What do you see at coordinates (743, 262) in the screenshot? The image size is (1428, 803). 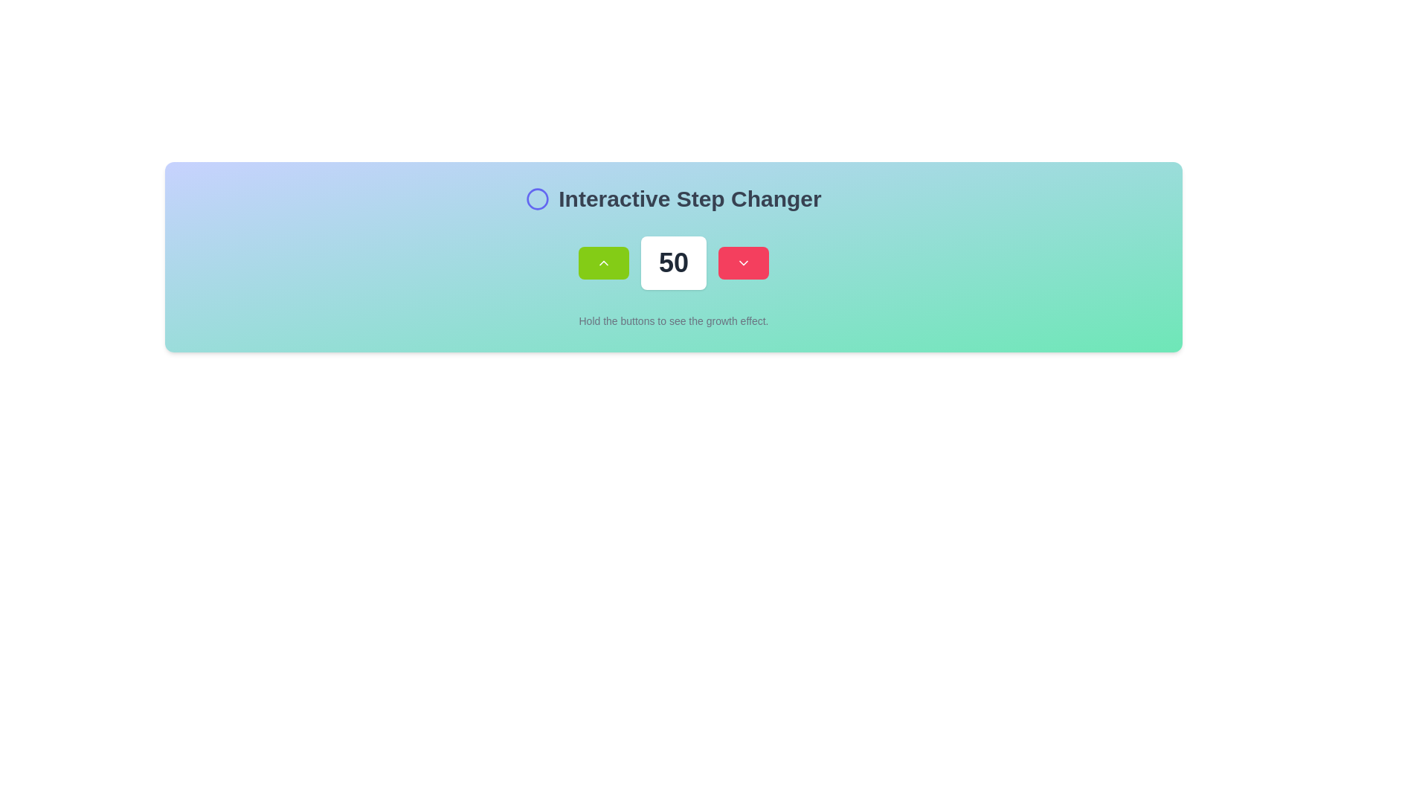 I see `the red decrement button located to the right of the white text field to decrease the numerical value displayed` at bounding box center [743, 262].